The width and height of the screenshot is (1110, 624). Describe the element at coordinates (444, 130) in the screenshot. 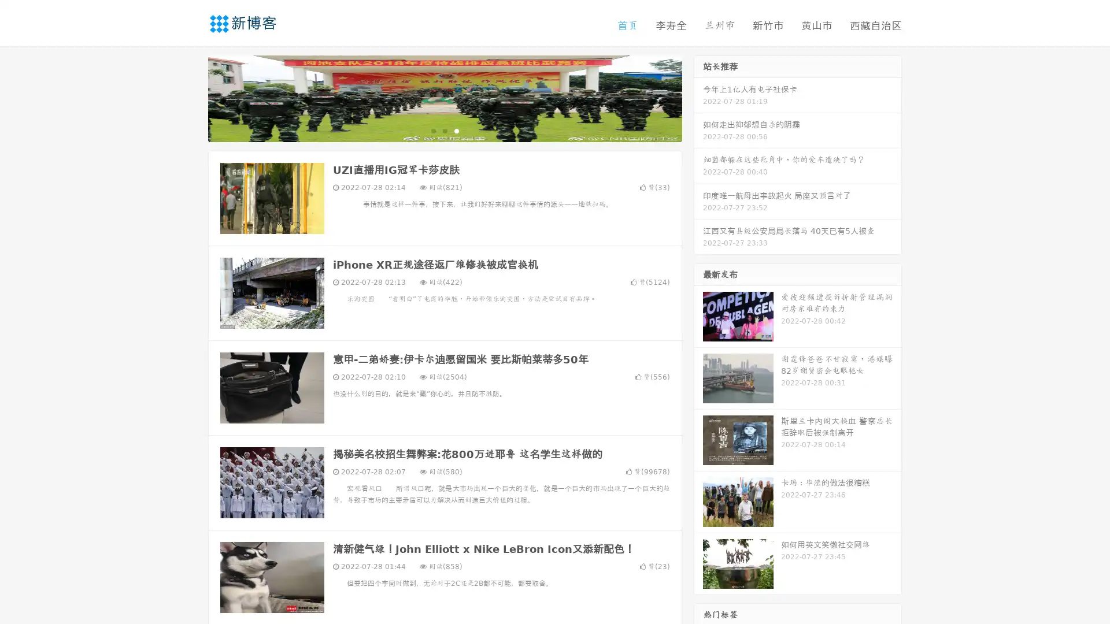

I see `Go to slide 2` at that location.